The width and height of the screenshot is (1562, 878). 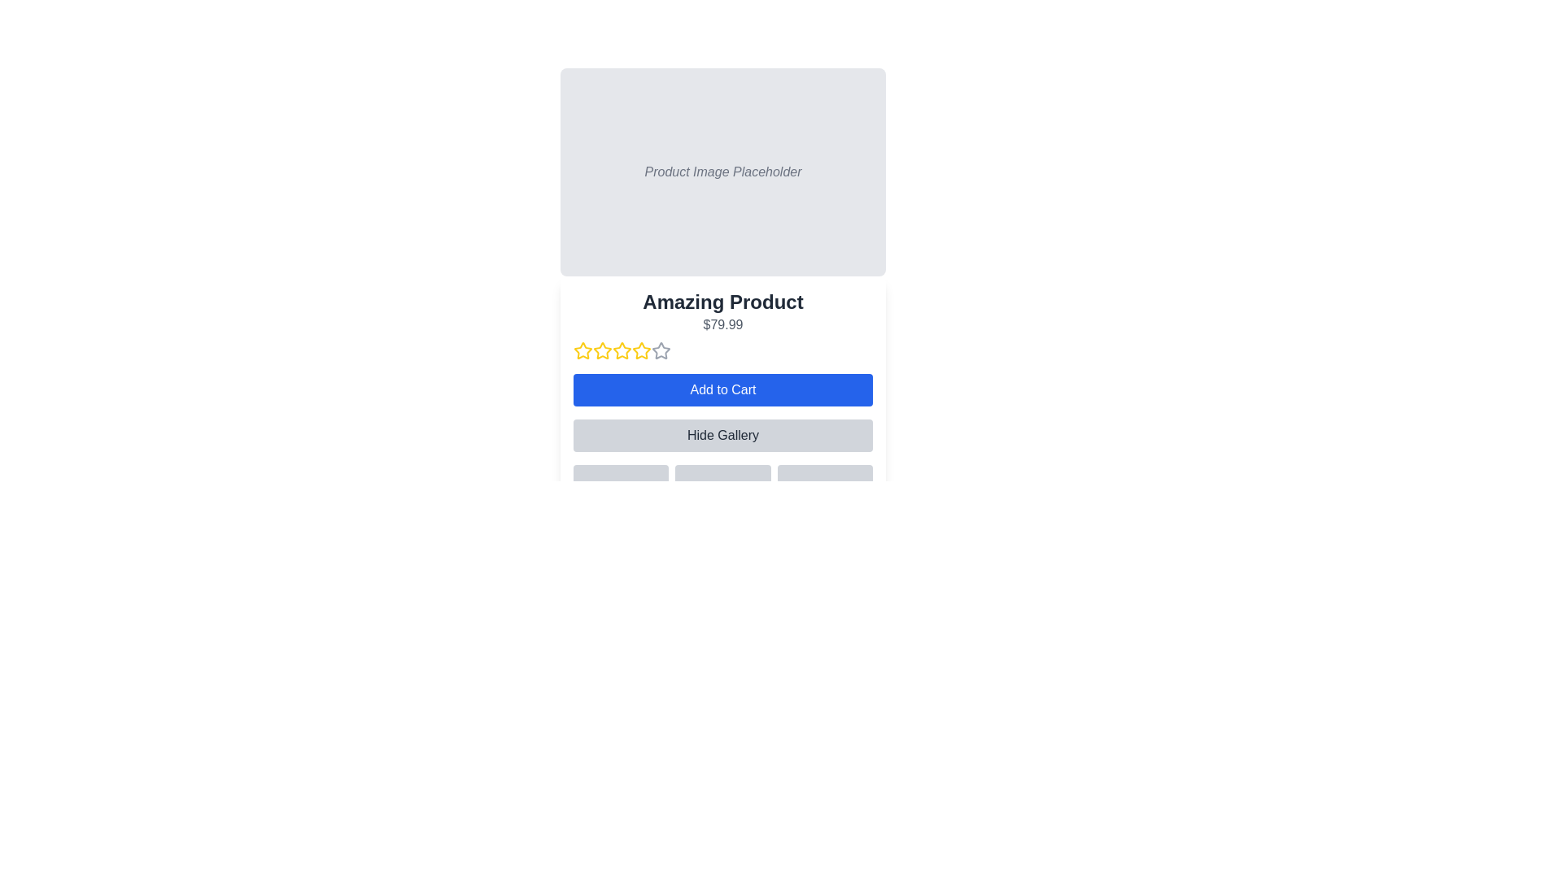 What do you see at coordinates (661, 350) in the screenshot?
I see `the fourth star in the horizontal row of five stars to trigger a tooltip or effect, indicating a 4-star rating selection` at bounding box center [661, 350].